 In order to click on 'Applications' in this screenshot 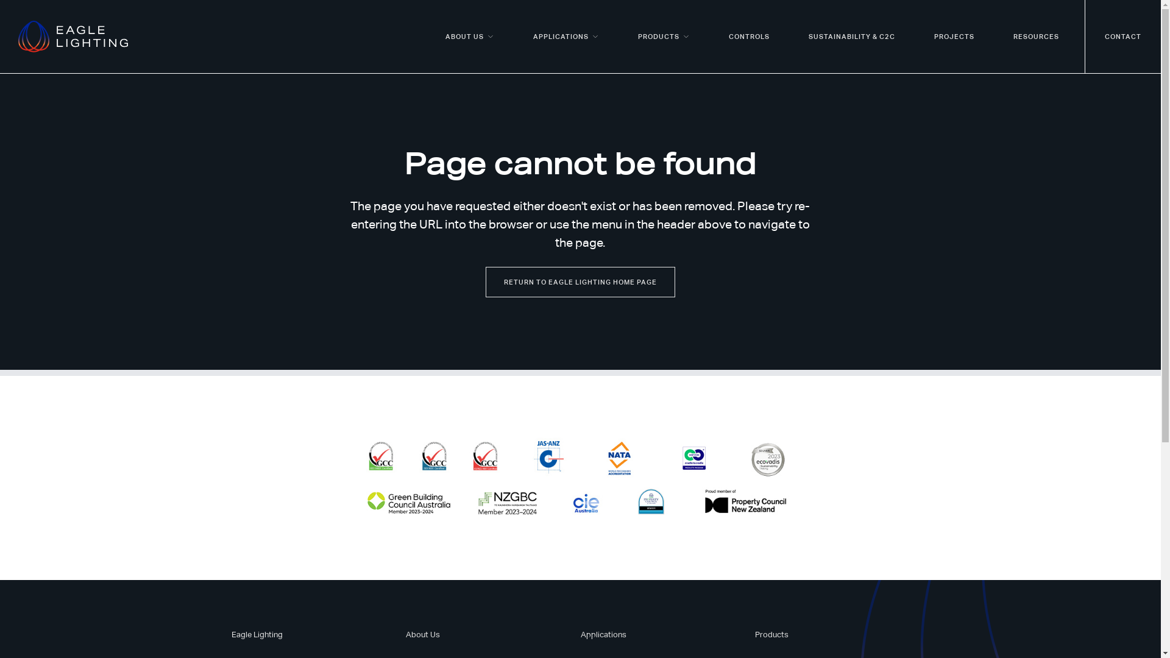, I will do `click(579, 634)`.